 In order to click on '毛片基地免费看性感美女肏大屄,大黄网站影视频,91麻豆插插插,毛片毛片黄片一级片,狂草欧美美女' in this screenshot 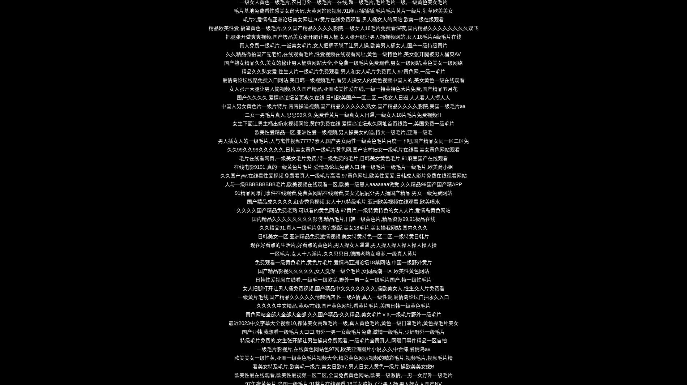, I will do `click(343, 10)`.